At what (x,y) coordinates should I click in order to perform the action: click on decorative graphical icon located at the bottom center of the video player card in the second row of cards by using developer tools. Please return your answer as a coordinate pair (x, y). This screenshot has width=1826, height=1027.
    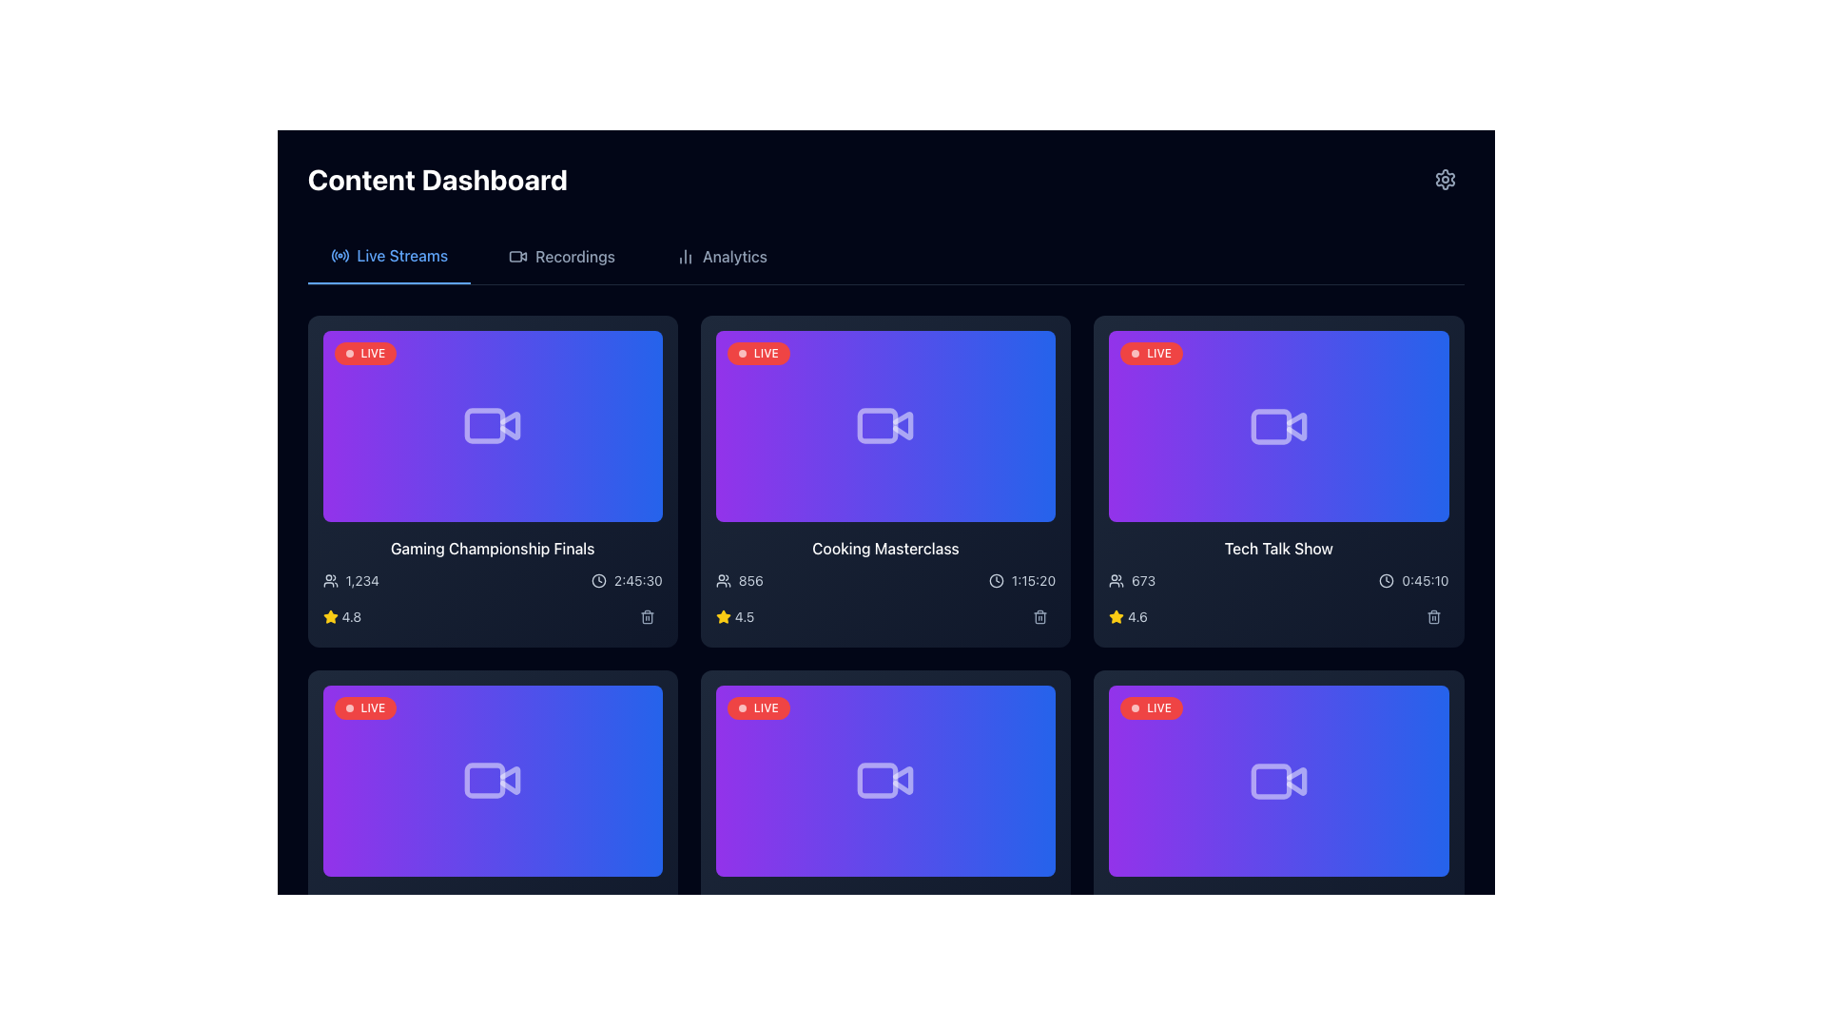
    Looking at the image, I should click on (877, 781).